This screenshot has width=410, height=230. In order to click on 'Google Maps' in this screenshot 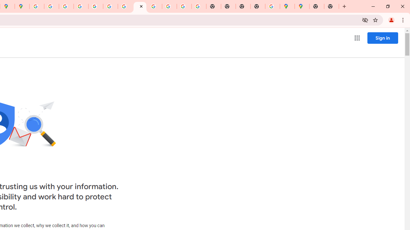, I will do `click(287, 6)`.